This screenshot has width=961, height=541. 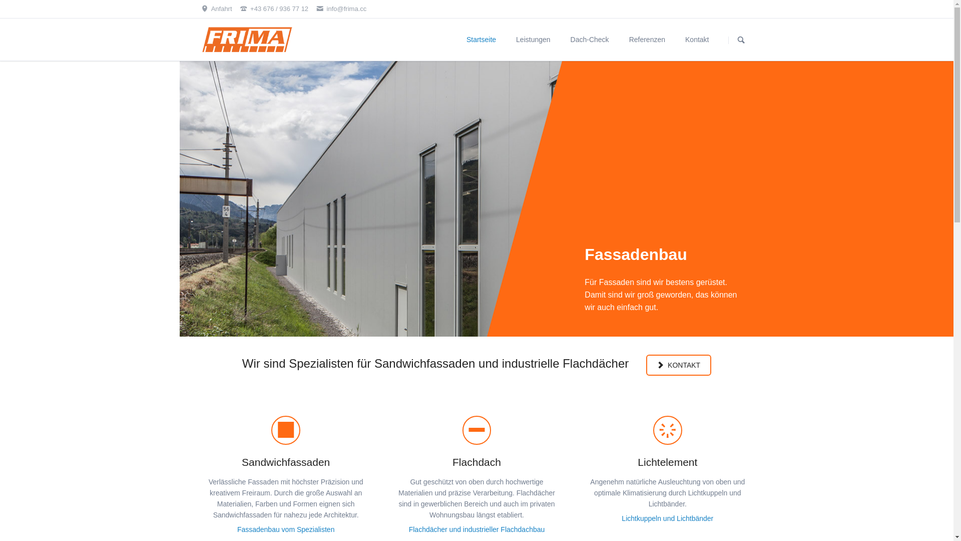 What do you see at coordinates (741, 40) in the screenshot?
I see `'SUCHEN'` at bounding box center [741, 40].